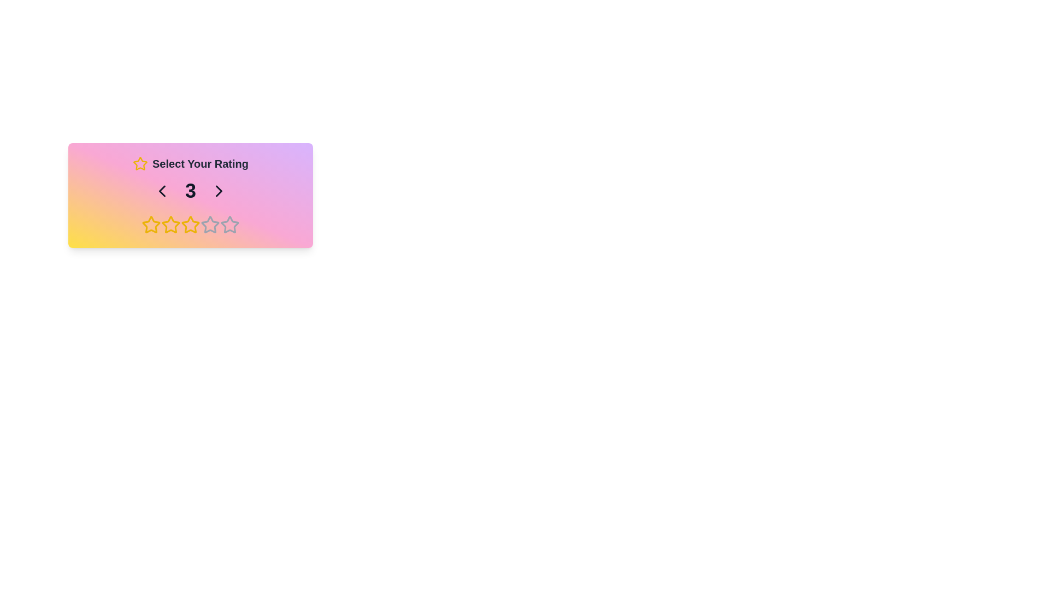  Describe the element at coordinates (191, 224) in the screenshot. I see `the third star icon` at that location.